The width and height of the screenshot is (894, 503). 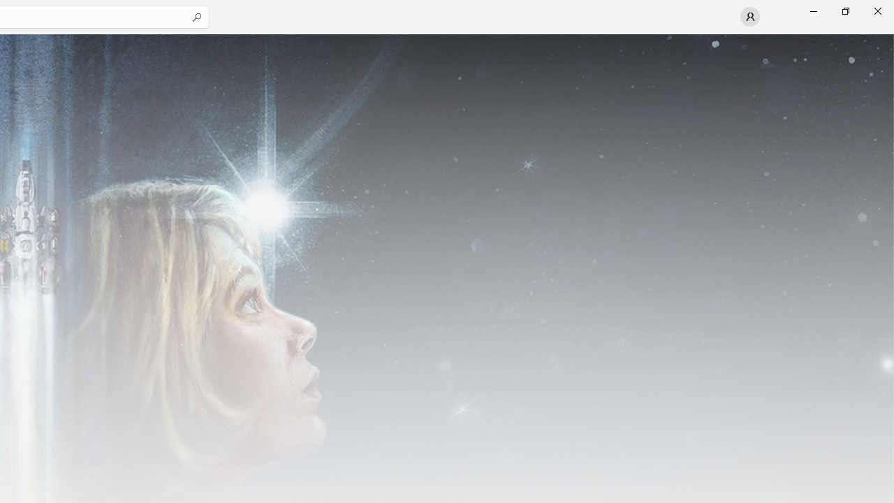 I want to click on 'Restore Microsoft Store', so click(x=844, y=10).